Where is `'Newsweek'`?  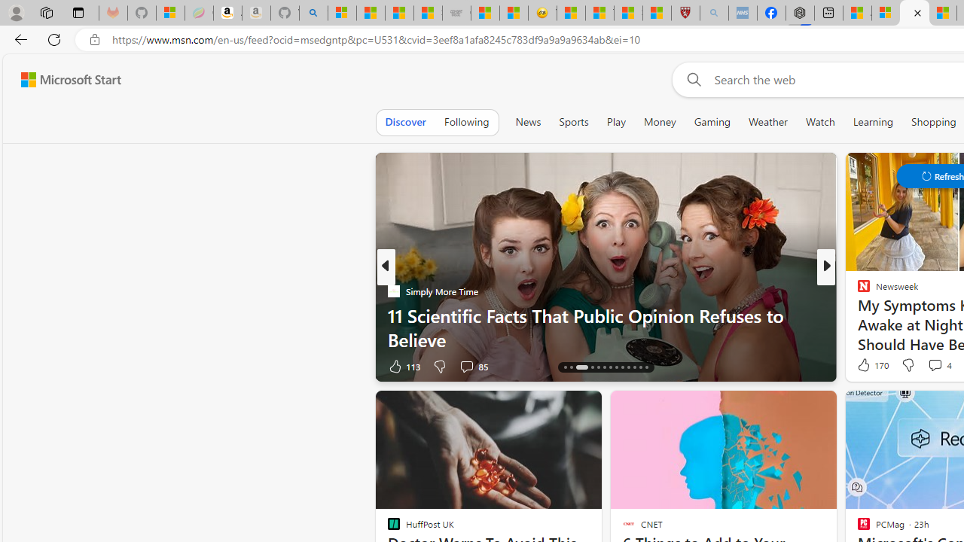 'Newsweek' is located at coordinates (857, 291).